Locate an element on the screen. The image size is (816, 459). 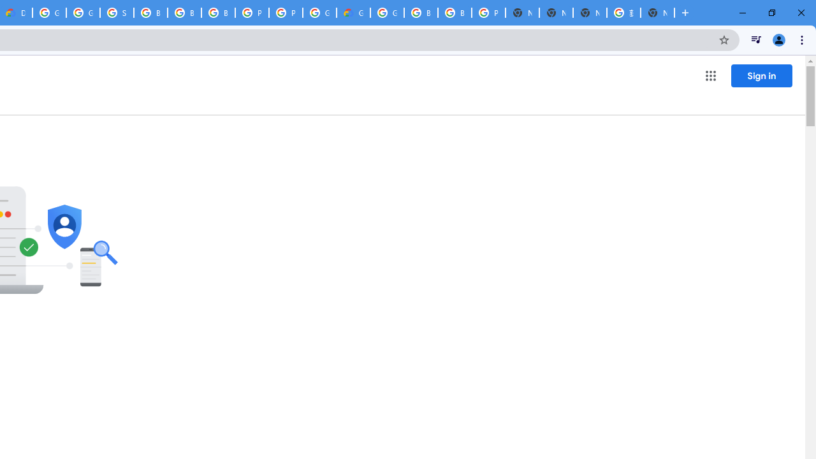
'Sign in - Google Accounts' is located at coordinates (117, 13).